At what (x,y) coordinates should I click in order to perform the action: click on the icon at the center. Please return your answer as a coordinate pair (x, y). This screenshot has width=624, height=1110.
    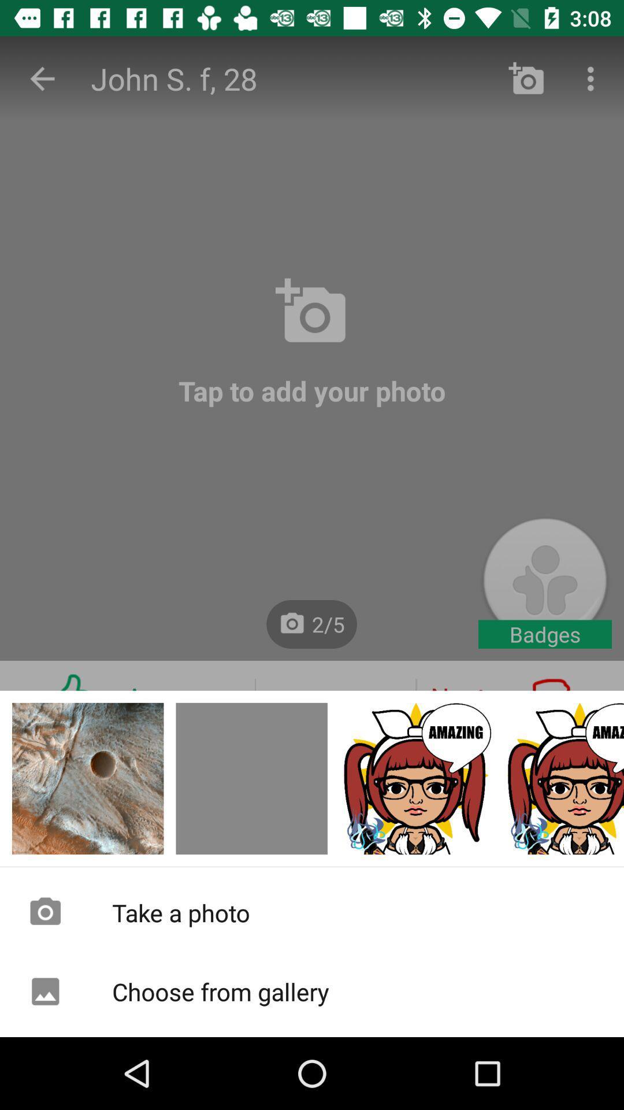
    Looking at the image, I should click on (312, 518).